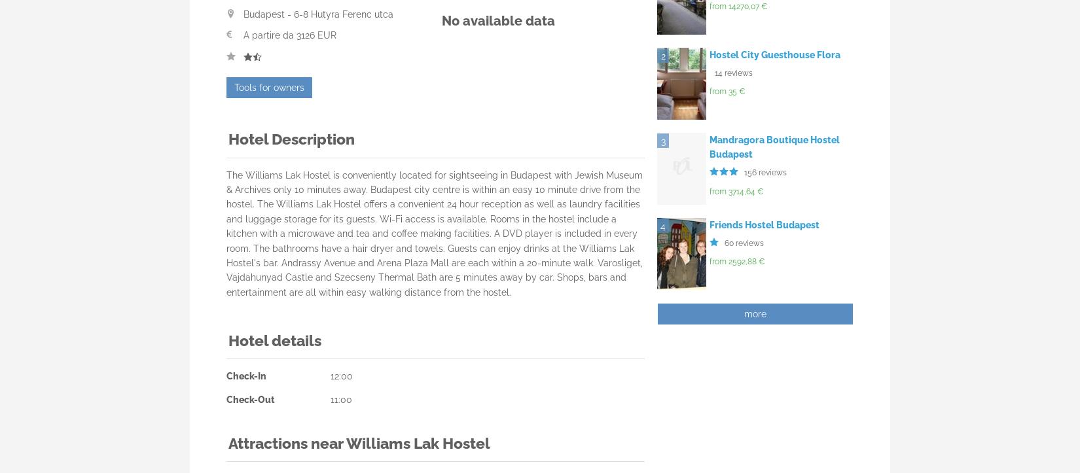  Describe the element at coordinates (317, 14) in the screenshot. I see `'Budapest  - 6-8 Hutyra Ferenc utca'` at that location.